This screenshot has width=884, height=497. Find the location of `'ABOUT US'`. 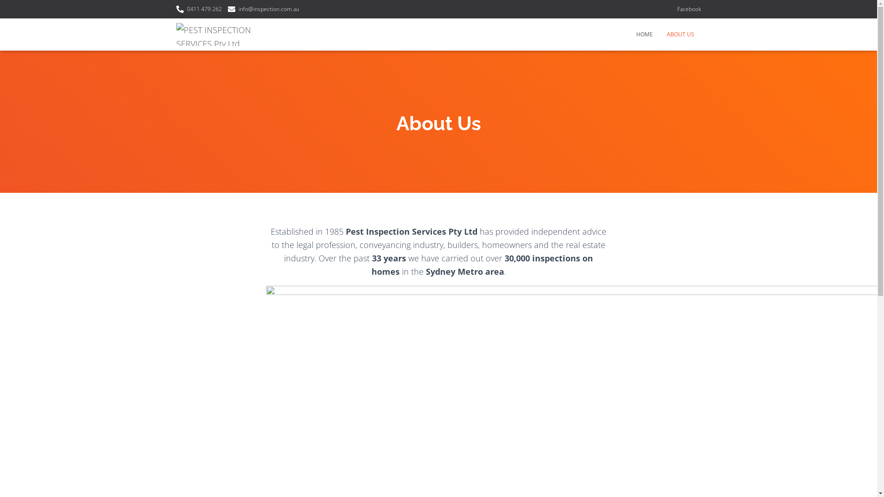

'ABOUT US' is located at coordinates (680, 34).